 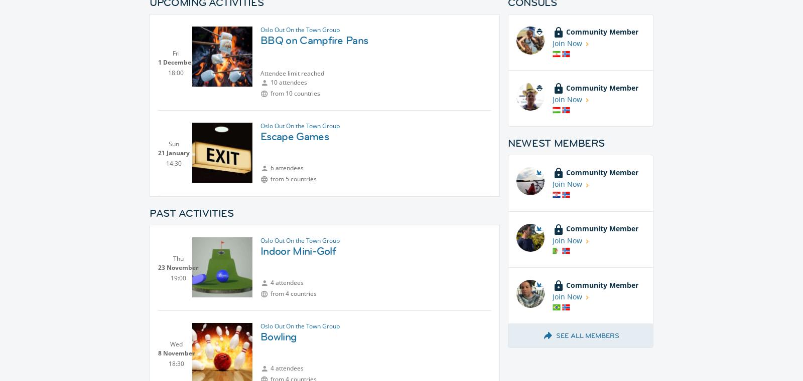 I want to click on 'BBQ on Campfire Pans', so click(x=314, y=40).